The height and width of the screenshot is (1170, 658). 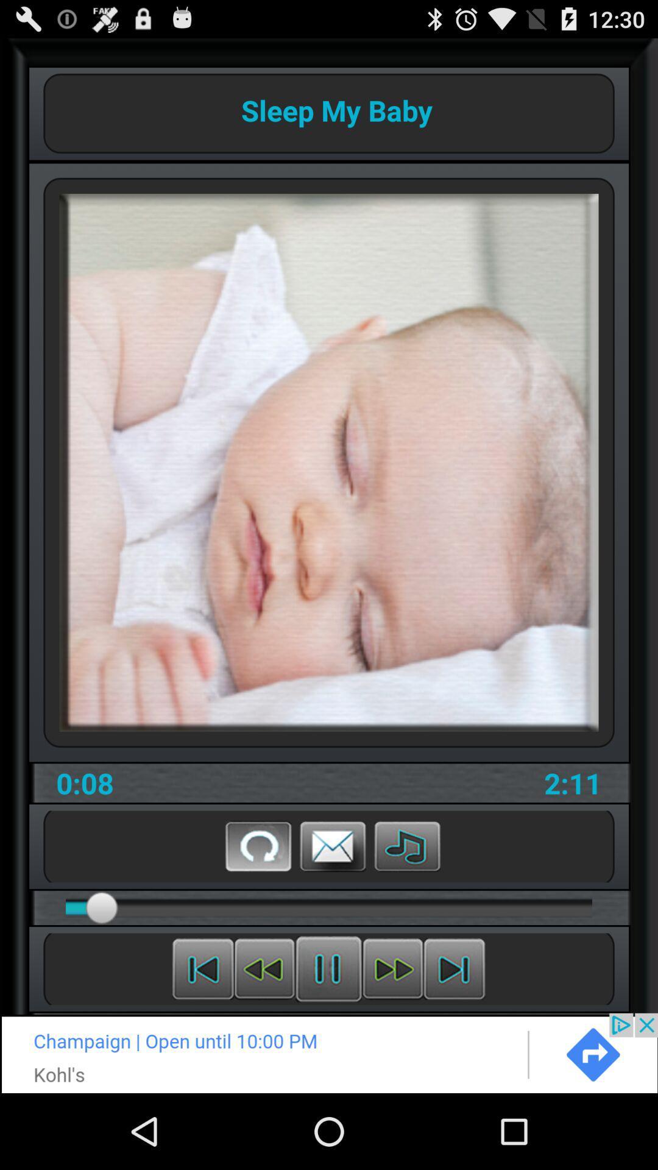 What do you see at coordinates (333, 845) in the screenshot?
I see `message of store` at bounding box center [333, 845].